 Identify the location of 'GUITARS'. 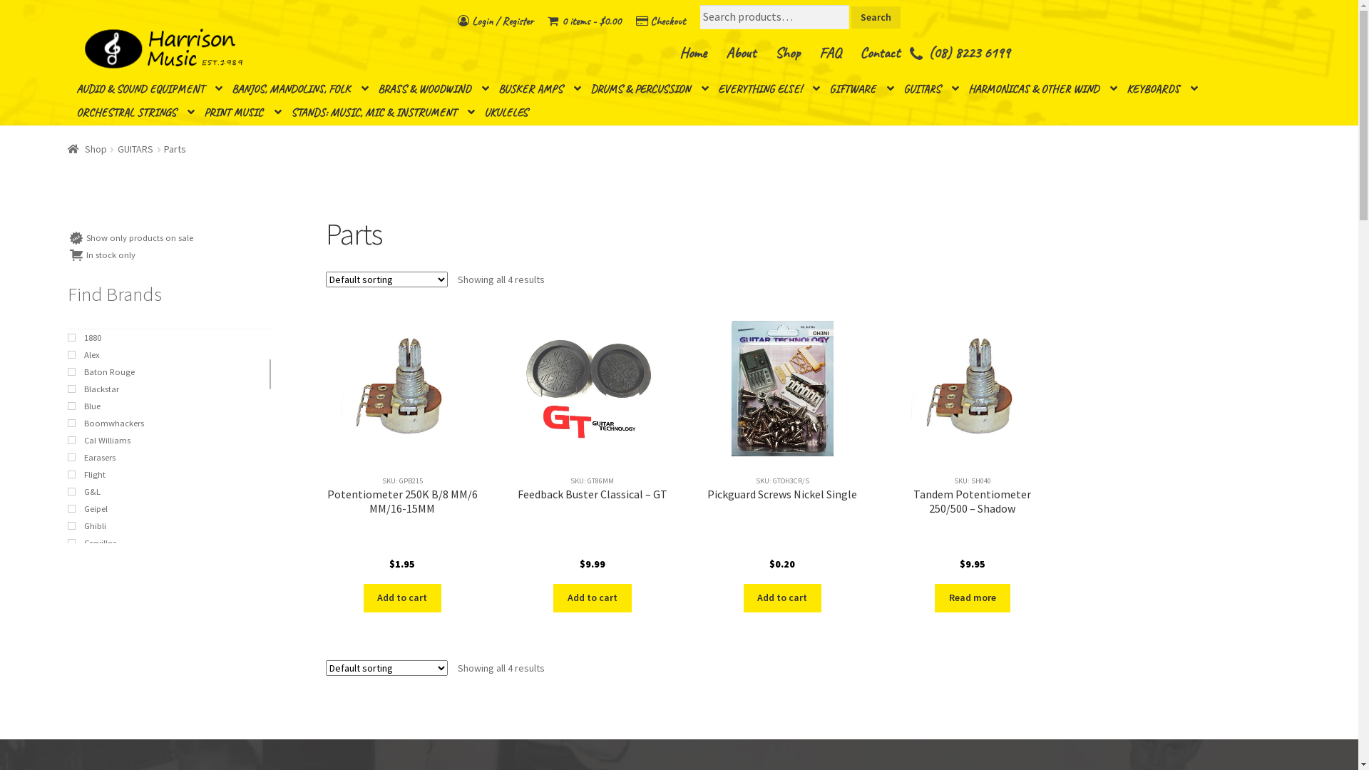
(135, 148).